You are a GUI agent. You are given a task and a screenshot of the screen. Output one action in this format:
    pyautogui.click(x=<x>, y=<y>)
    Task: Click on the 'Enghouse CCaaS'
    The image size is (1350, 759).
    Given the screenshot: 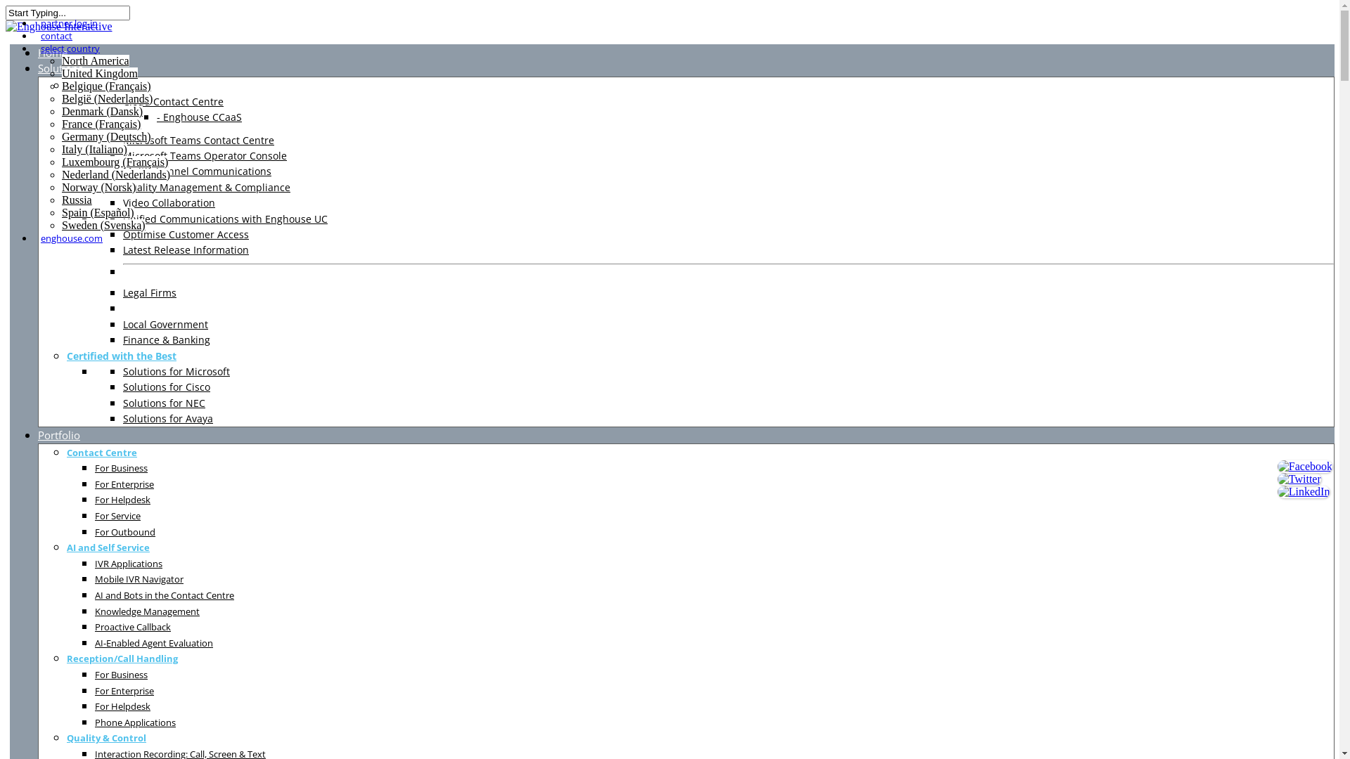 What is the action you would take?
    pyautogui.click(x=198, y=116)
    